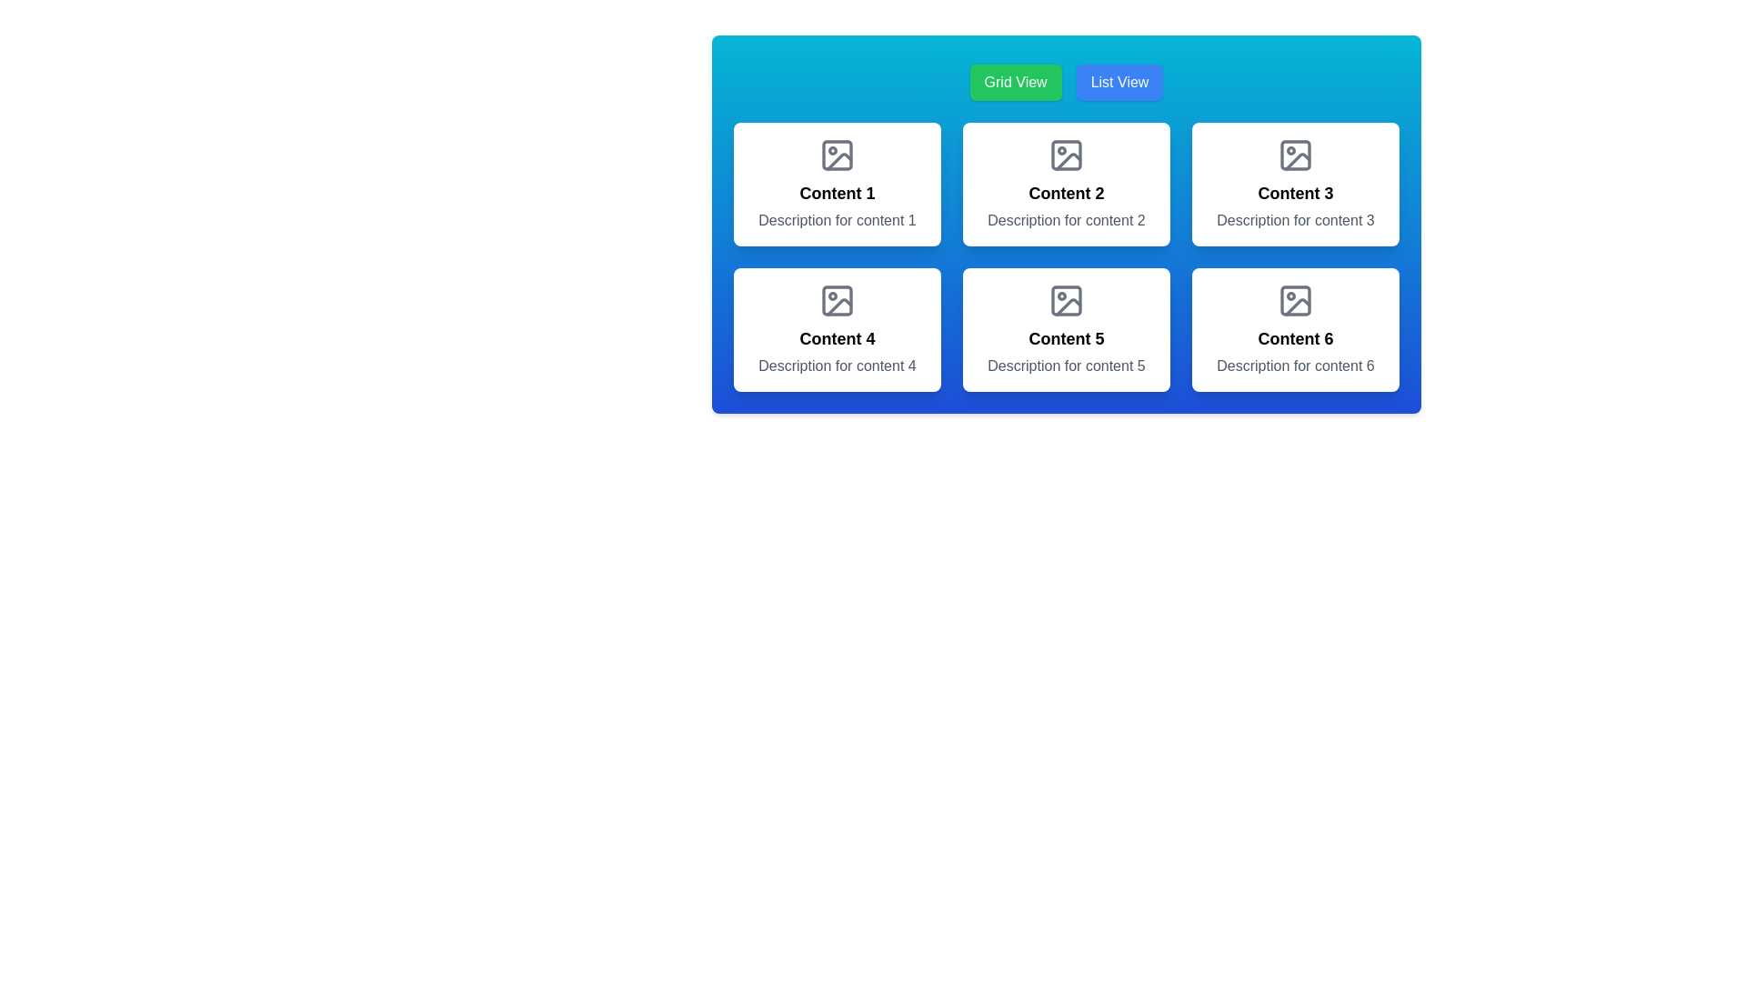 Image resolution: width=1746 pixels, height=982 pixels. Describe the element at coordinates (837, 220) in the screenshot. I see `the Text block that provides a brief description for the 'Content 1' section, located below the 'Content 1' heading` at that location.